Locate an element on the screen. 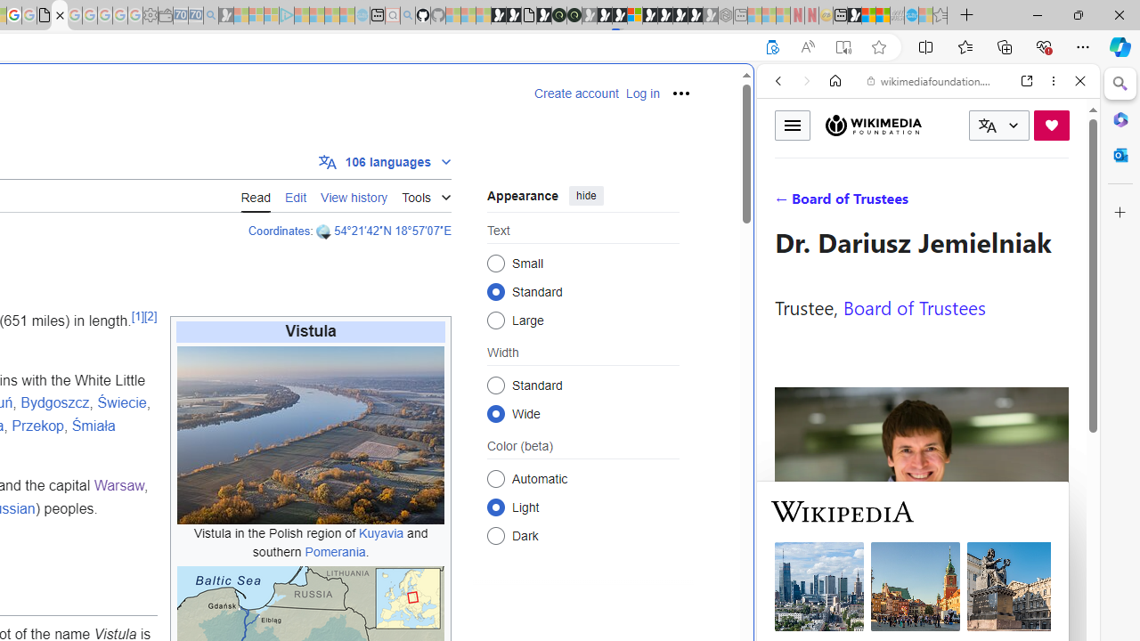 The height and width of the screenshot is (641, 1140). 'Web scope' is located at coordinates (785, 160).